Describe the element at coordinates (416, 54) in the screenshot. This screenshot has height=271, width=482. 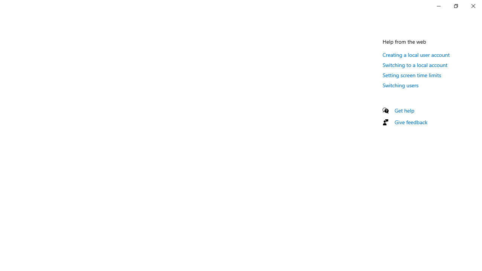
I see `'Creating a local user account'` at that location.